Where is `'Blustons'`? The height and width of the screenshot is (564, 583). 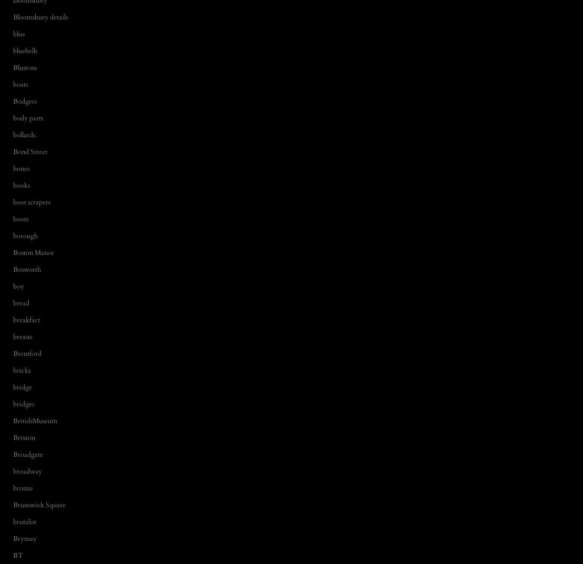
'Blustons' is located at coordinates (13, 67).